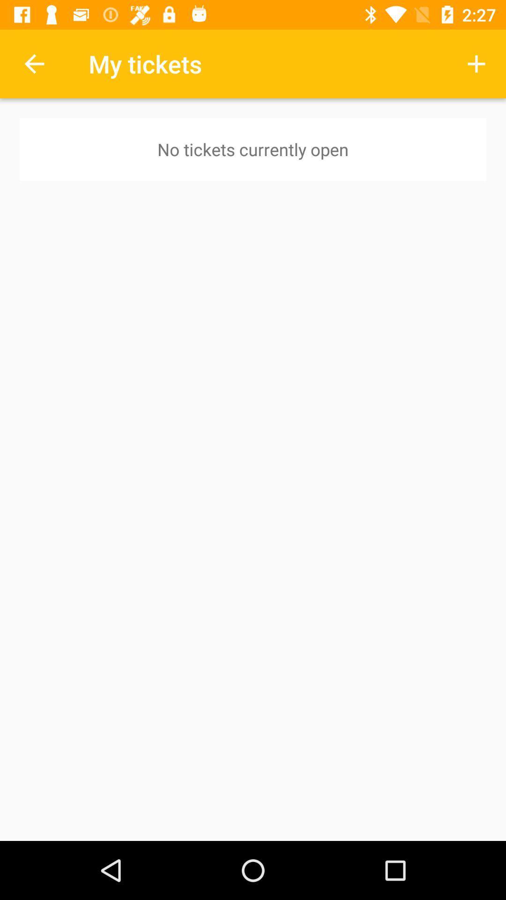 The height and width of the screenshot is (900, 506). What do you see at coordinates (34, 63) in the screenshot?
I see `item above no tickets currently icon` at bounding box center [34, 63].